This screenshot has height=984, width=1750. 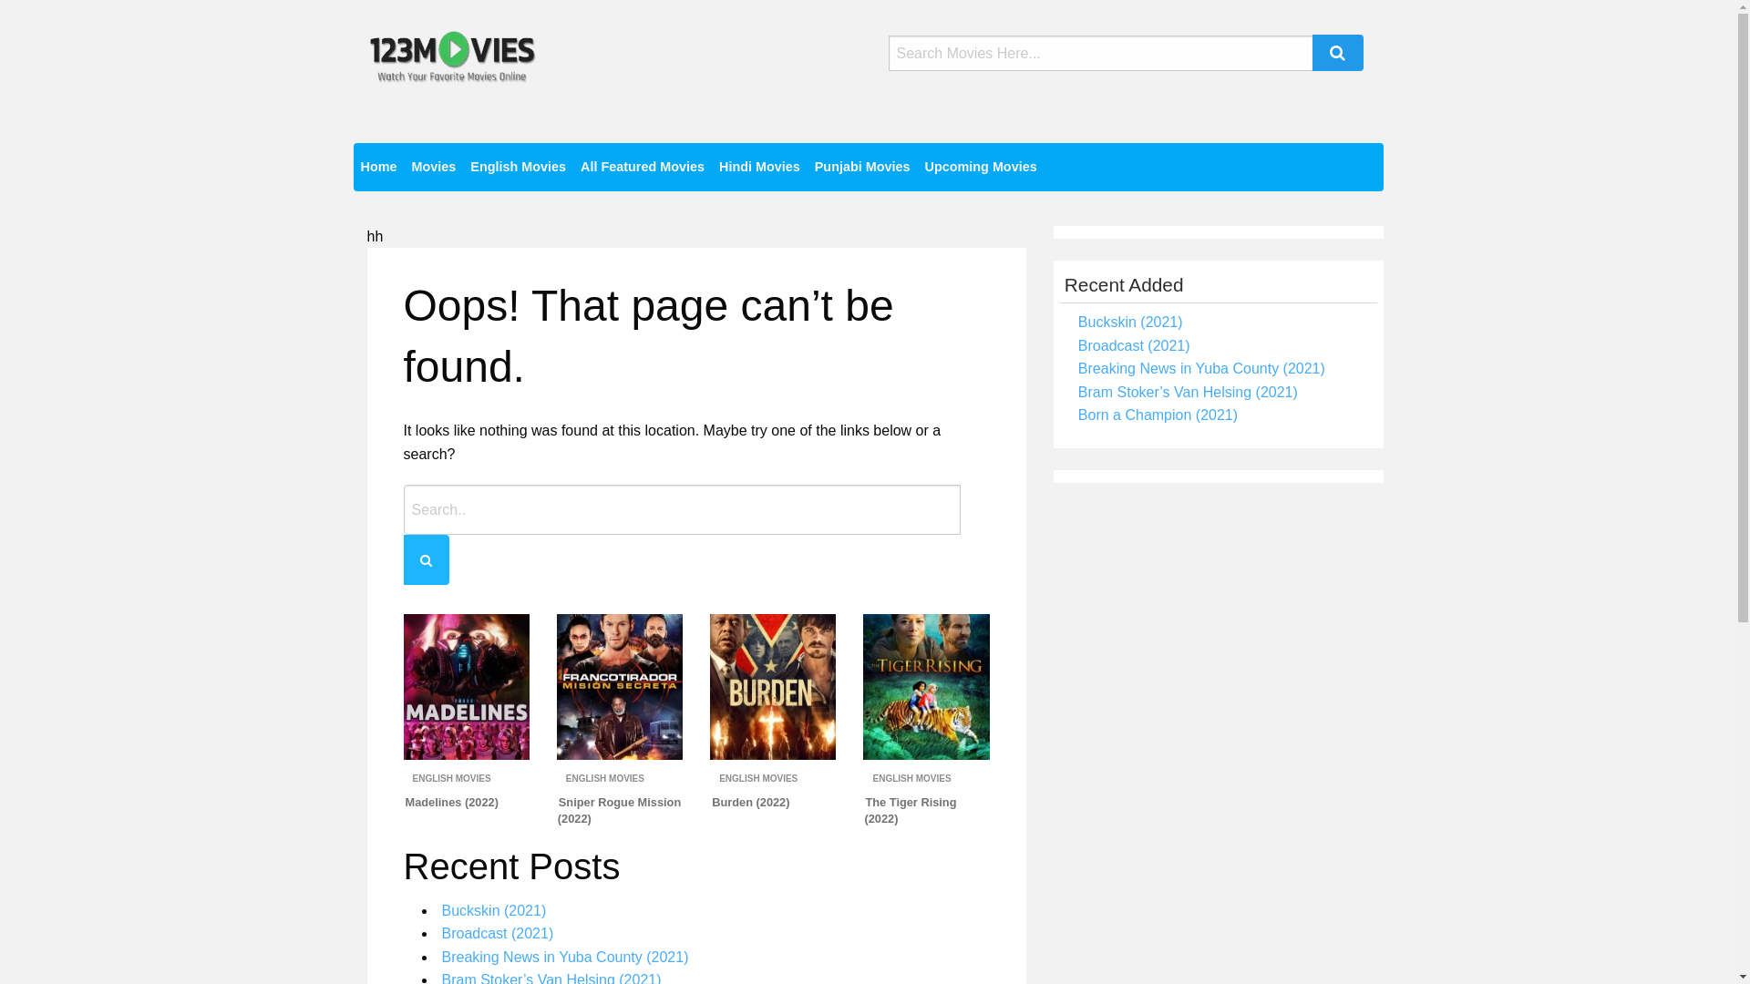 What do you see at coordinates (757, 778) in the screenshot?
I see `'ENGLISH MOVIES'` at bounding box center [757, 778].